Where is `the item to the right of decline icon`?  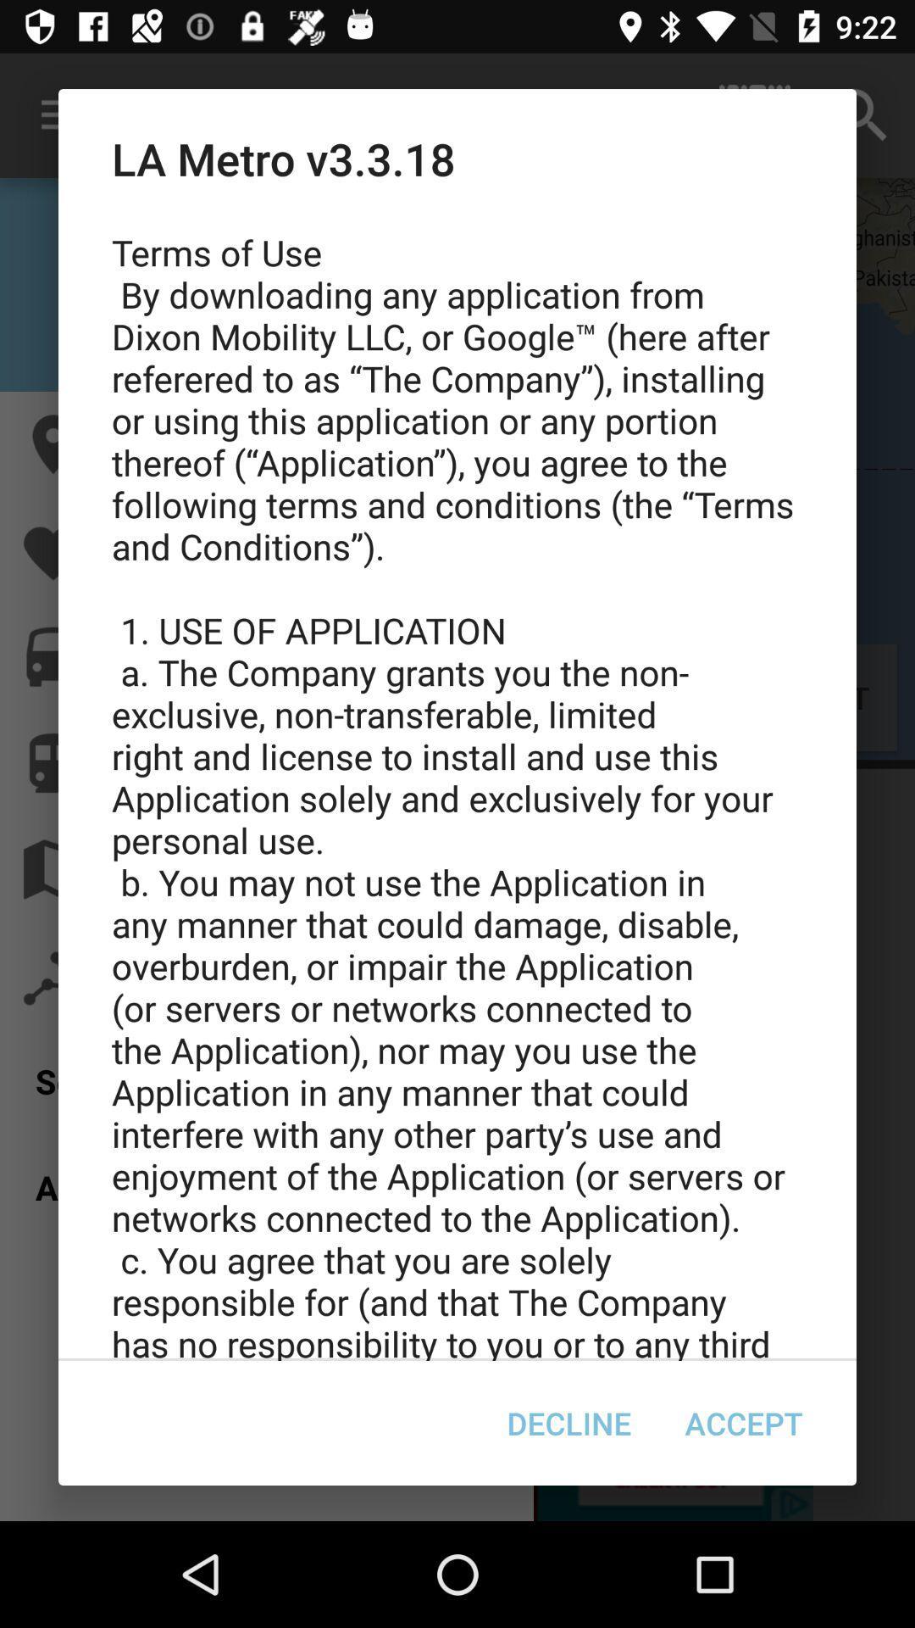 the item to the right of decline icon is located at coordinates (743, 1423).